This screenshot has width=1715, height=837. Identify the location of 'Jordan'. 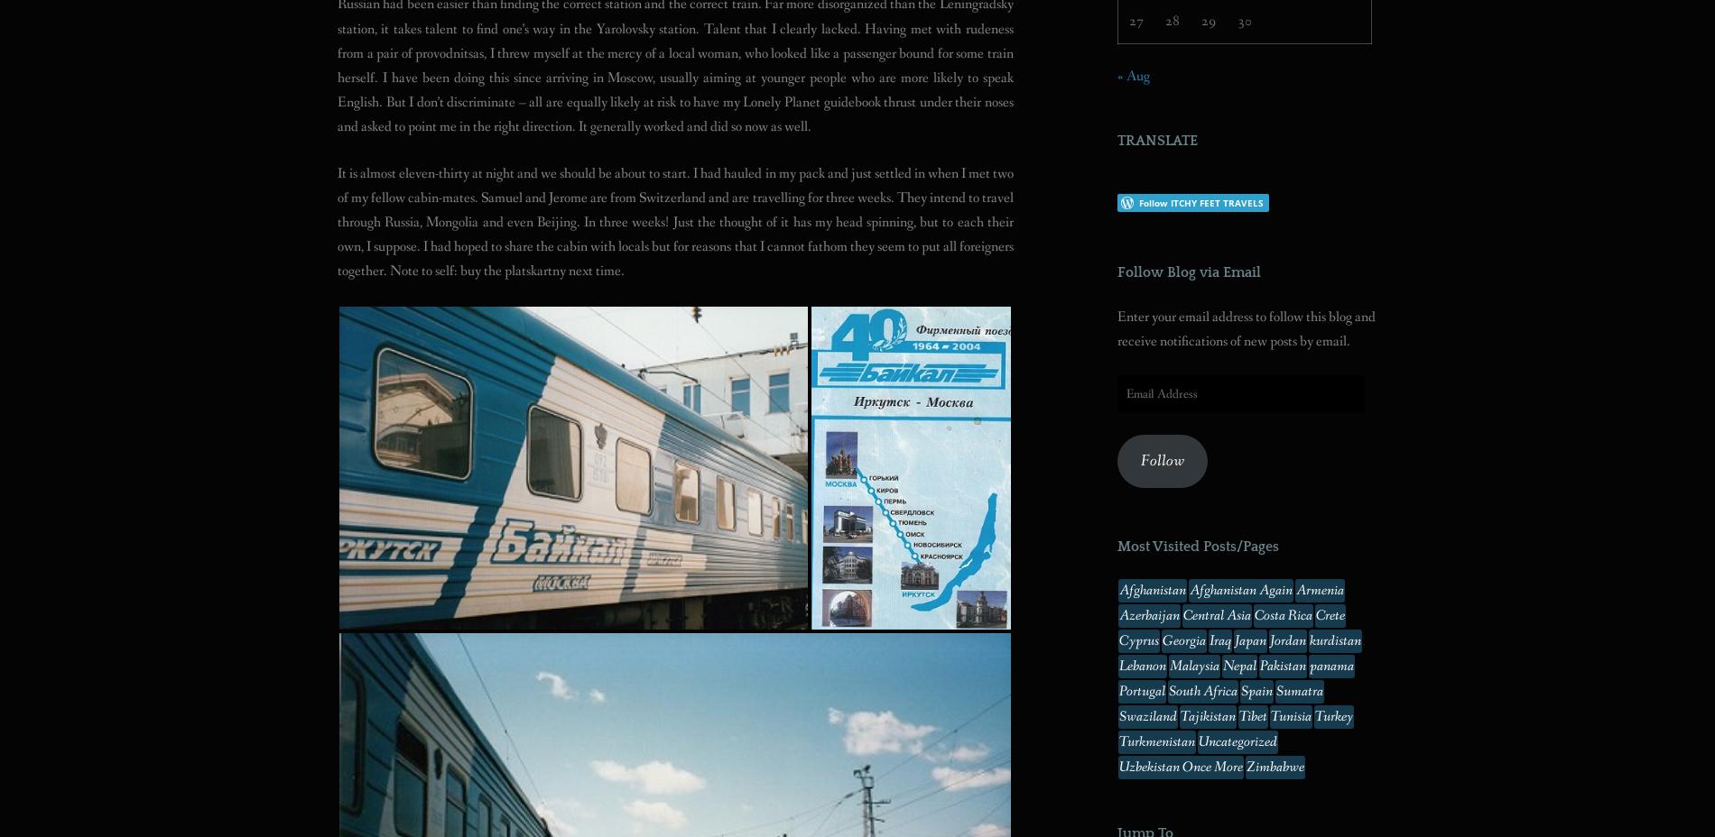
(1288, 639).